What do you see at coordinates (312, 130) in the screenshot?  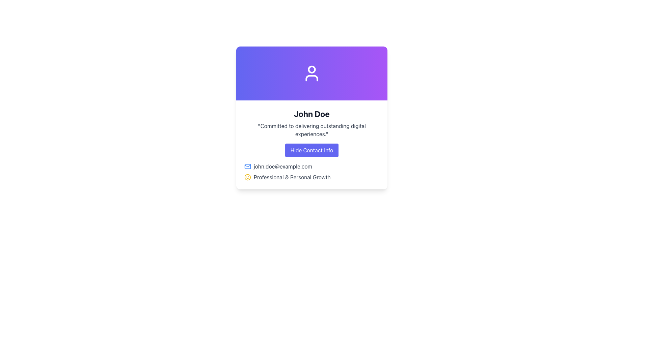 I see `the text element displaying the statement: 'Committed to delivering outstanding digital experiences.' which is styled in gray and located below the title 'John Doe'` at bounding box center [312, 130].